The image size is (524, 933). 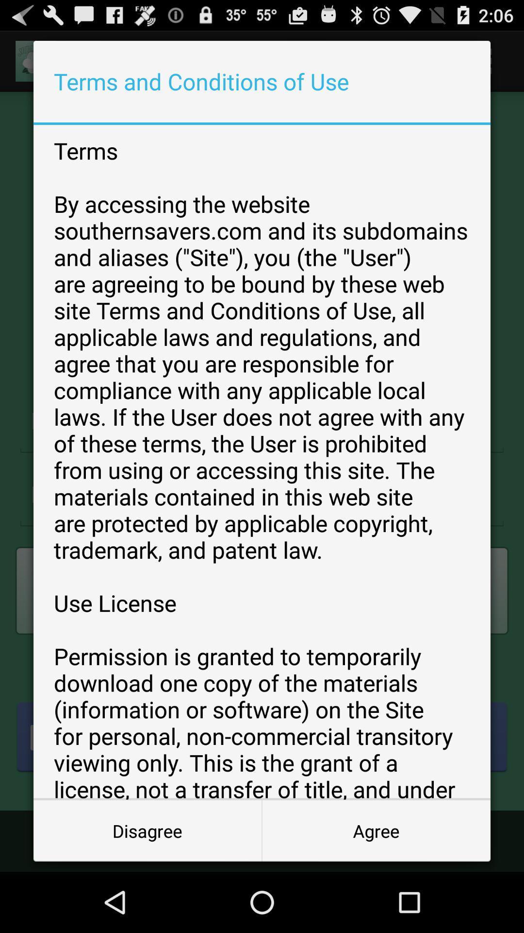 What do you see at coordinates (147, 830) in the screenshot?
I see `the disagree` at bounding box center [147, 830].